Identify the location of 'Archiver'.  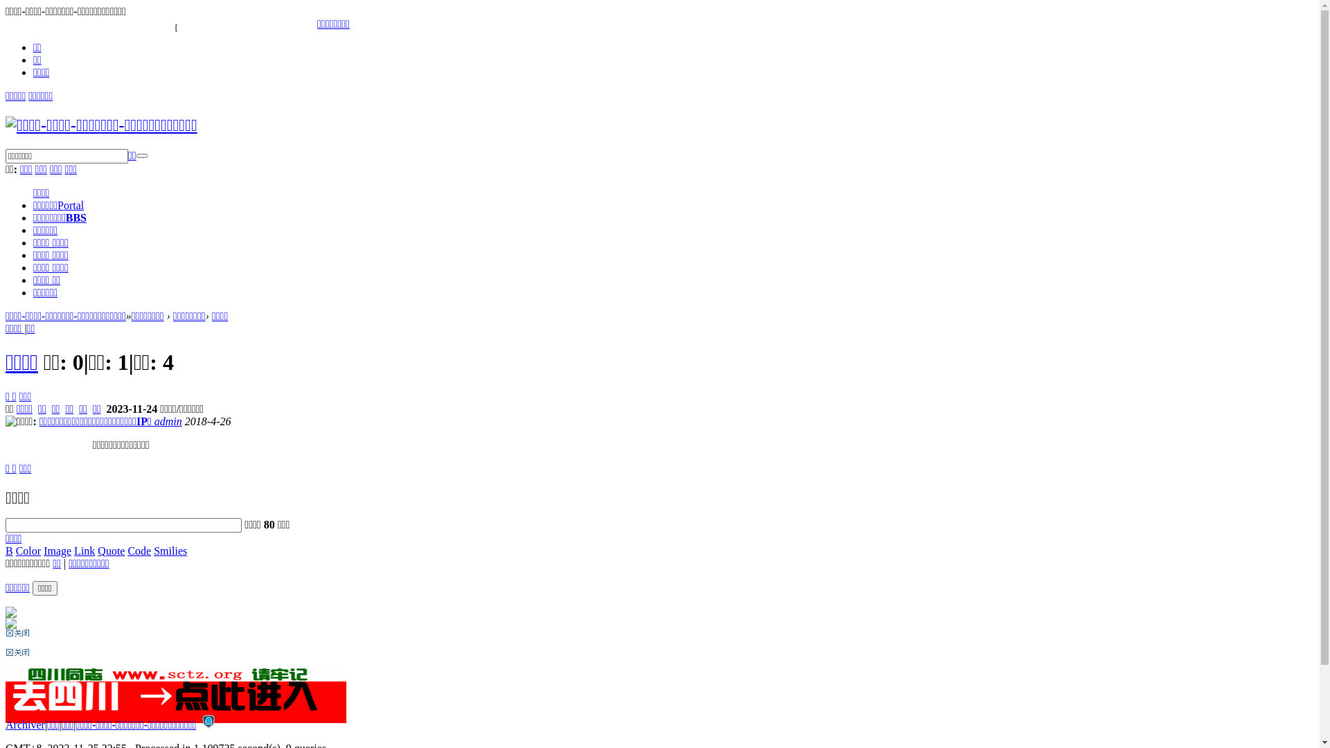
(25, 724).